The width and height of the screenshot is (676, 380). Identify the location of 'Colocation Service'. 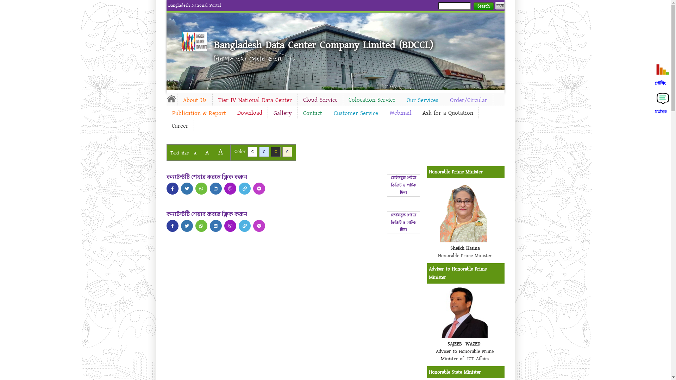
(371, 100).